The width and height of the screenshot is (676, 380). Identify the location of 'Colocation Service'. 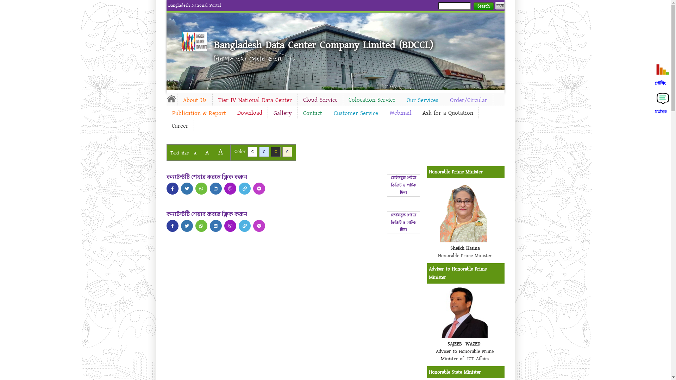
(371, 100).